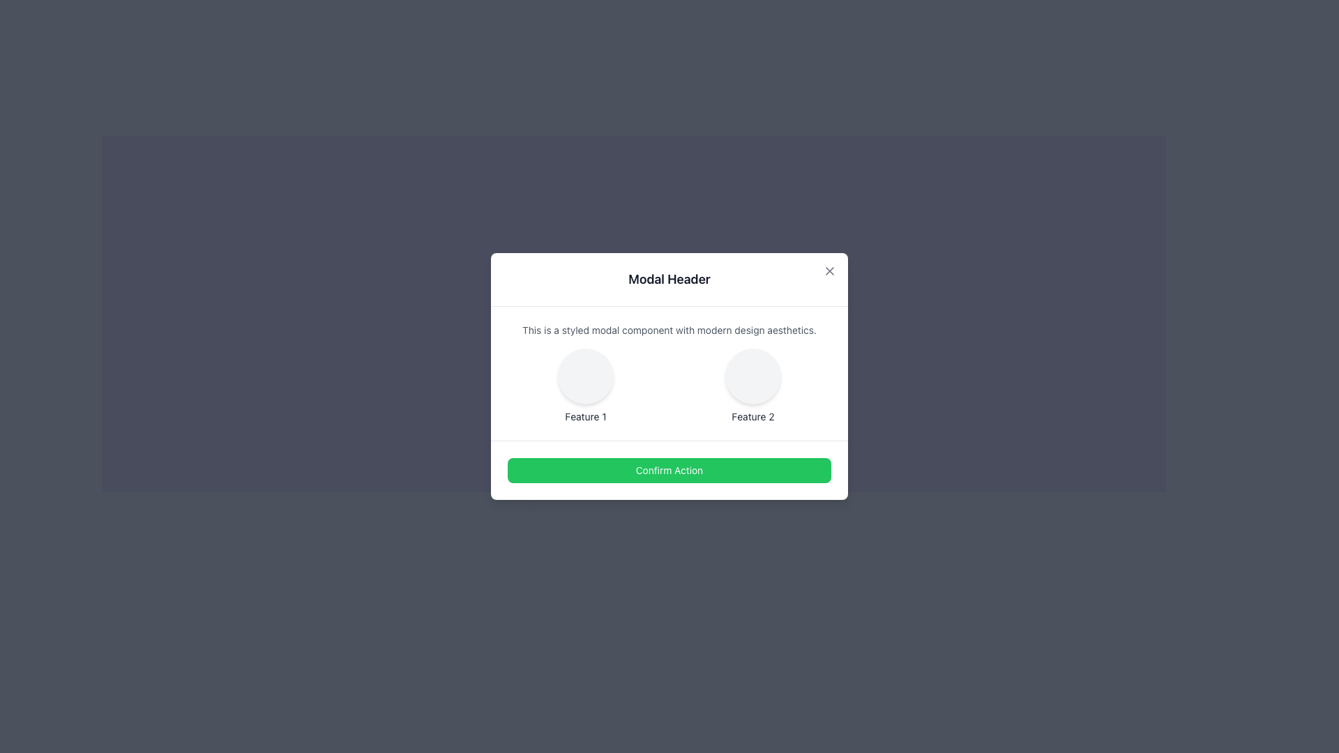 This screenshot has width=1339, height=753. Describe the element at coordinates (830, 271) in the screenshot. I see `the close button icon located at the top-right corner of the modal window for additional visual feedback` at that location.